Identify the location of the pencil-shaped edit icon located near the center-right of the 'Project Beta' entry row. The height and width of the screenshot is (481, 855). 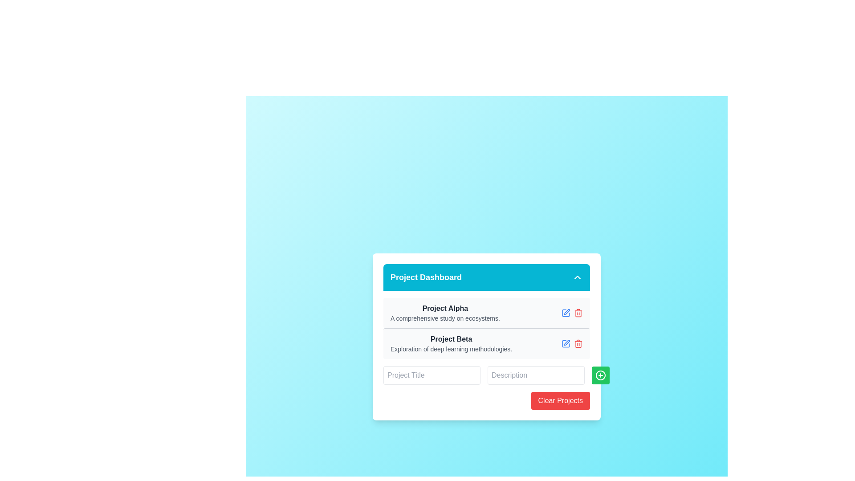
(566, 342).